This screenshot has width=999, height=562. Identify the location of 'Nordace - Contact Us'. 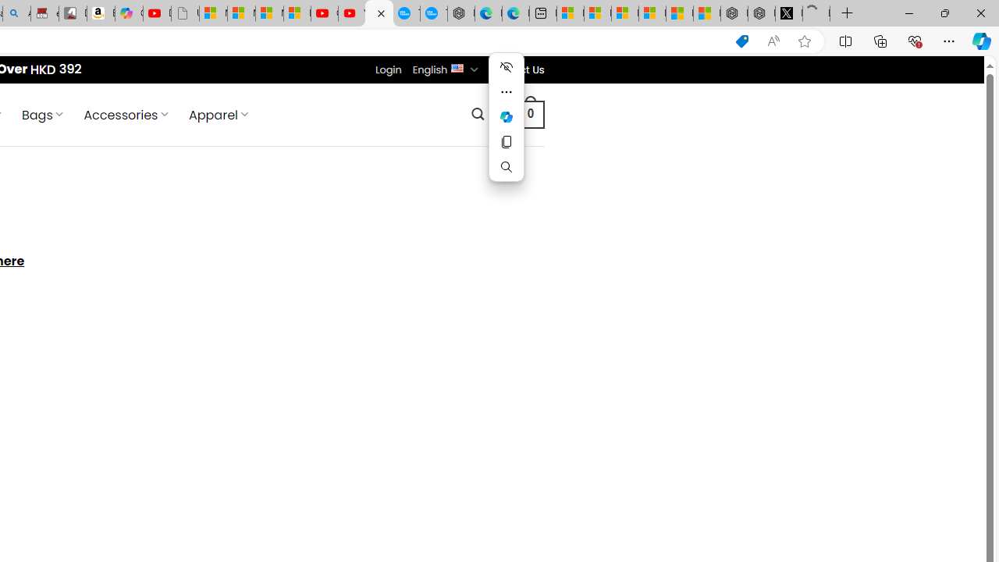
(379, 13).